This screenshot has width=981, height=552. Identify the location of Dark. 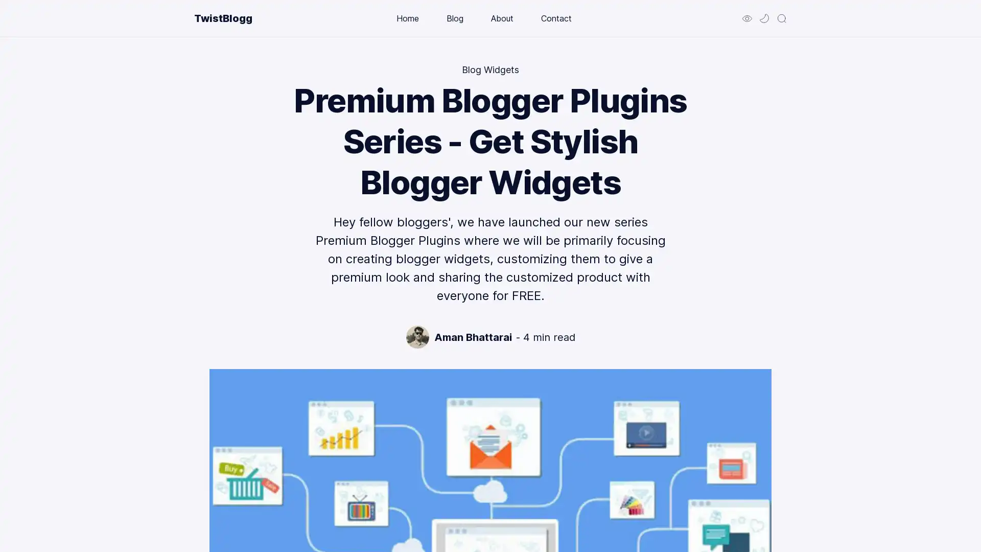
(764, 18).